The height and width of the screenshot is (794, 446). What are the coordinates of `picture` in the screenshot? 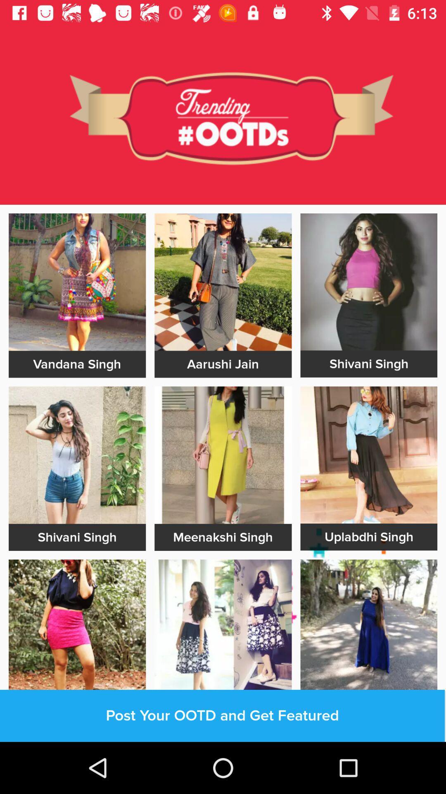 It's located at (77, 454).